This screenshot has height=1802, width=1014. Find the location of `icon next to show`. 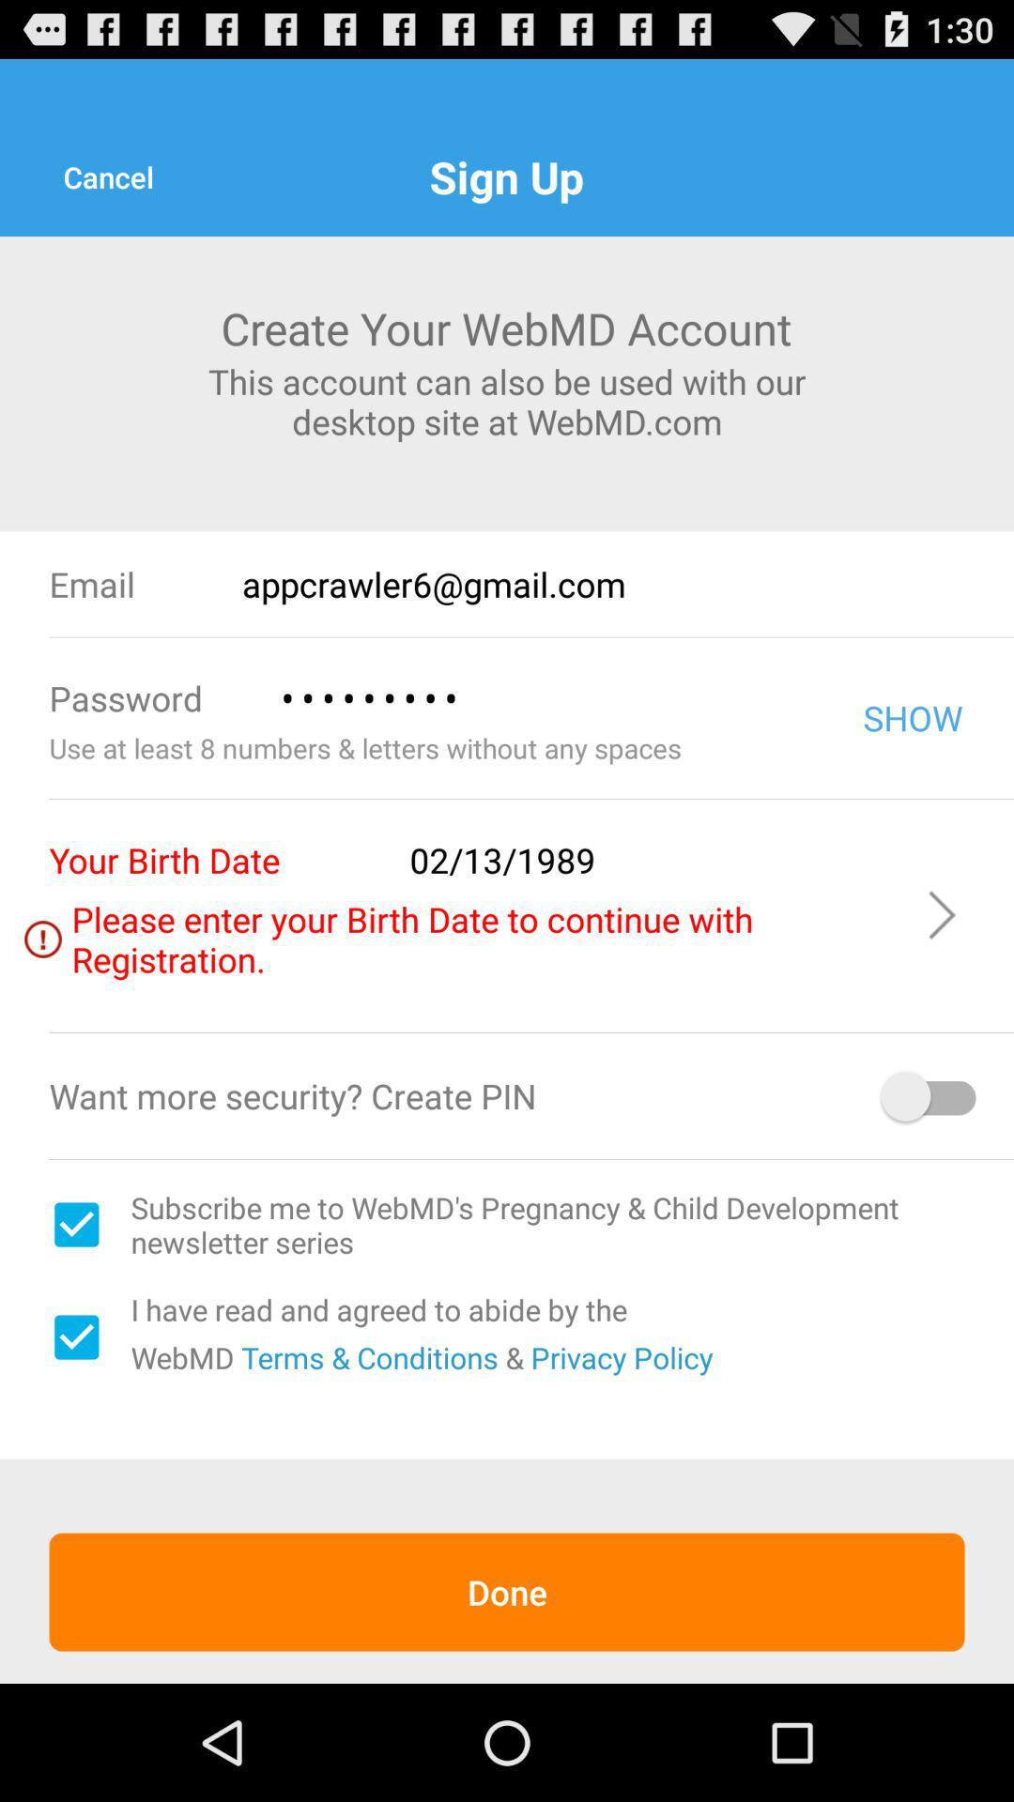

icon next to show is located at coordinates (544, 697).